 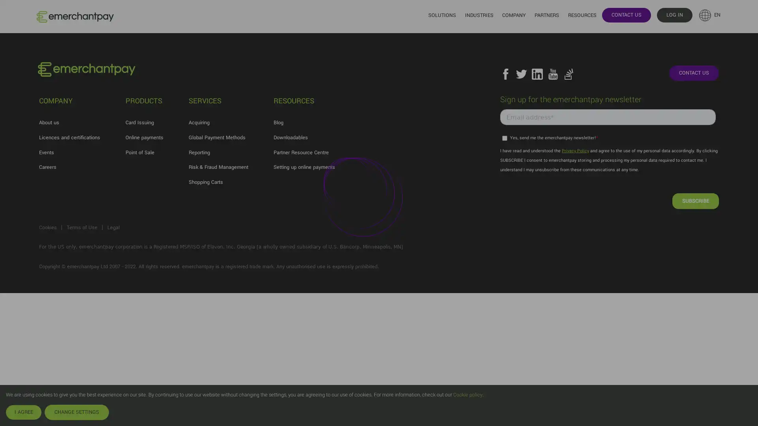 I want to click on LOG IN, so click(x=674, y=15).